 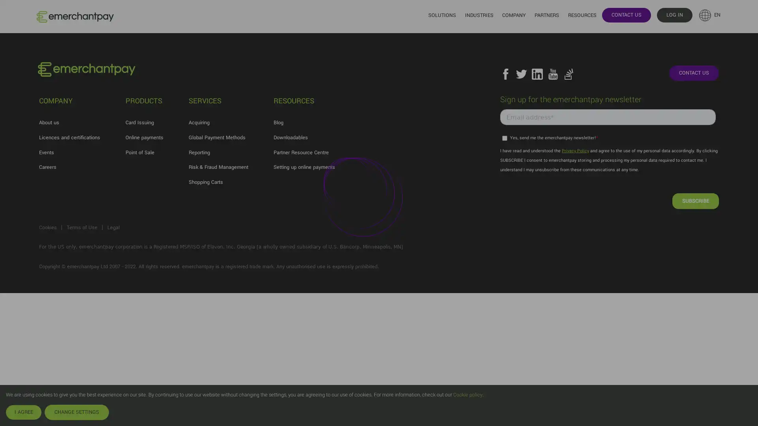 I want to click on LOG IN, so click(x=674, y=15).